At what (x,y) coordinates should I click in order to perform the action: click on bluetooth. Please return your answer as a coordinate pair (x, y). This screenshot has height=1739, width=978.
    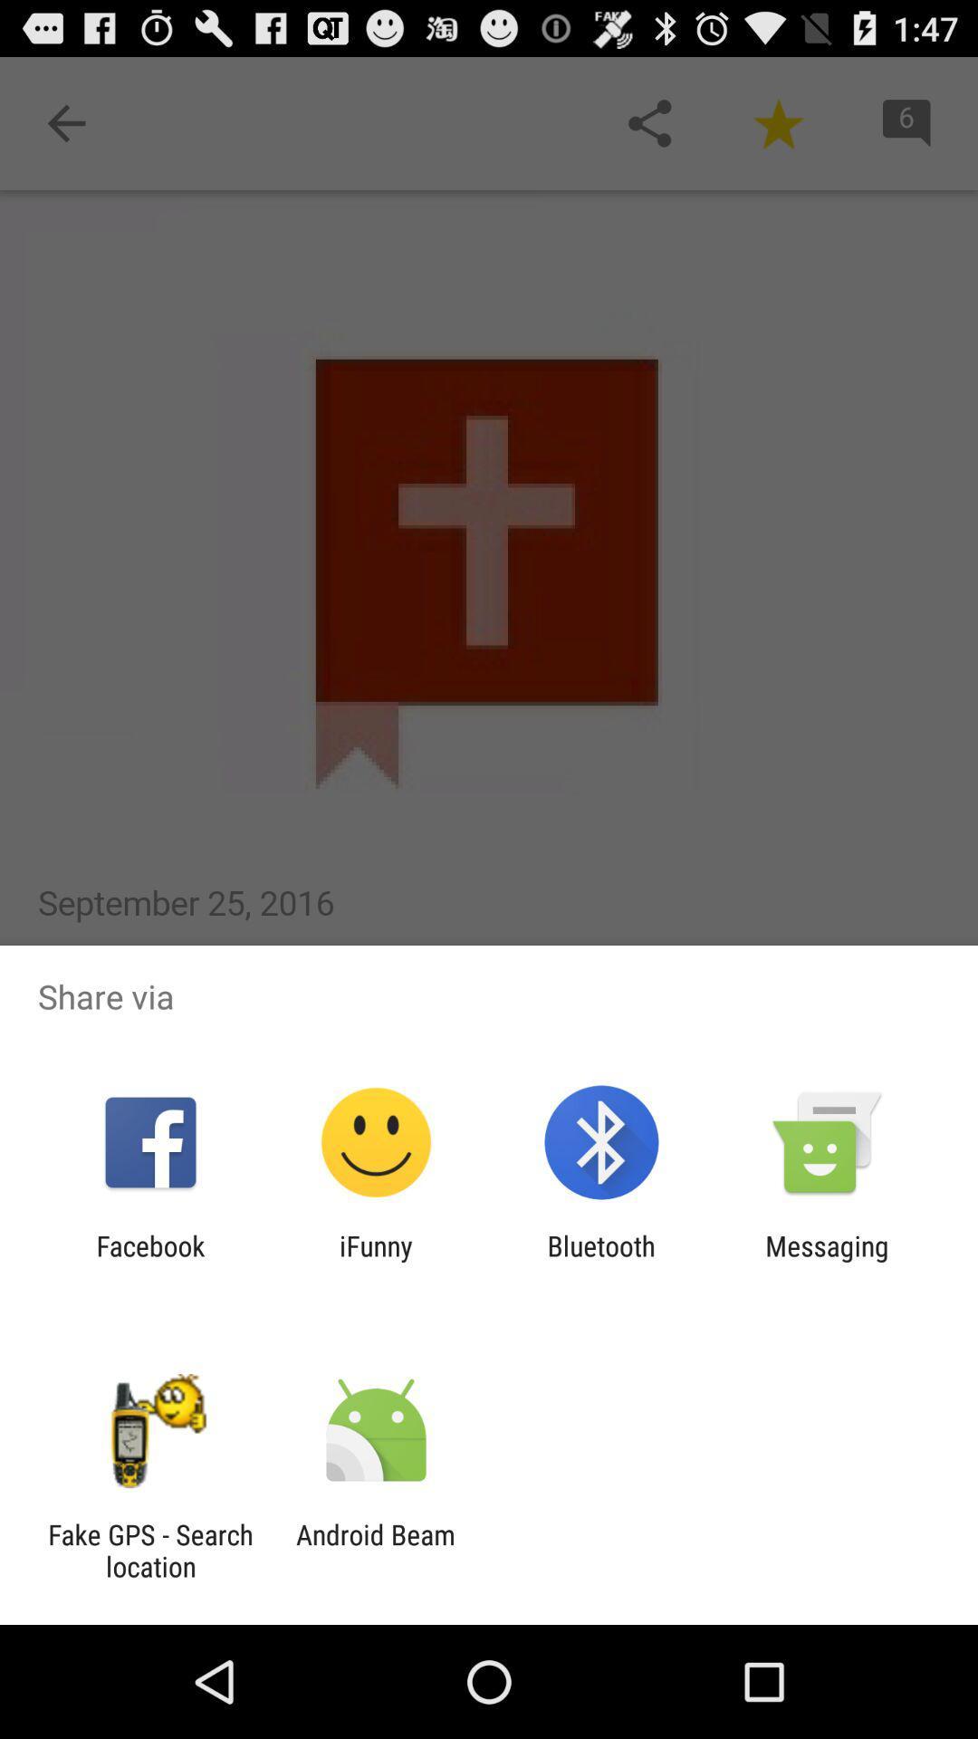
    Looking at the image, I should click on (601, 1261).